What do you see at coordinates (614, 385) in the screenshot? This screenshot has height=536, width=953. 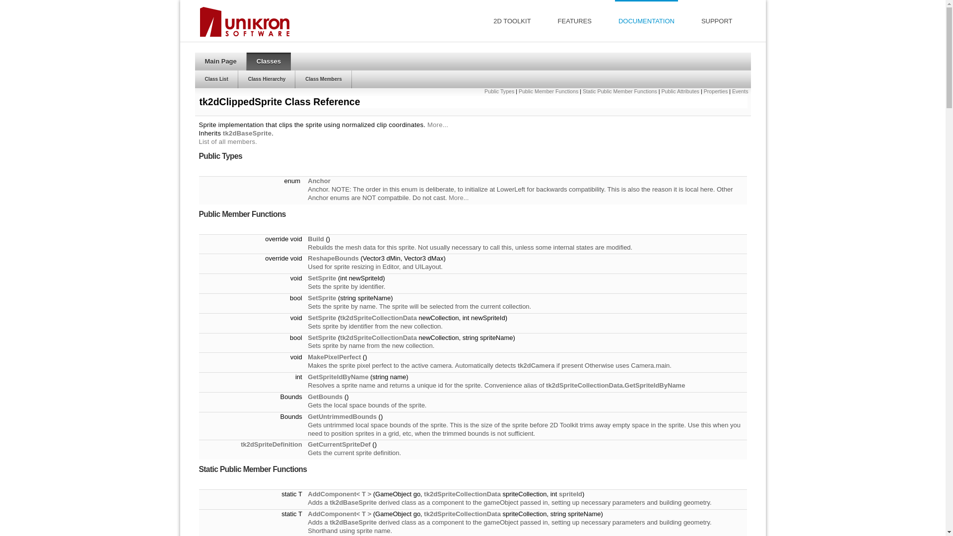 I see `'tk2dSpriteCollectionData.GetSpriteIdByName'` at bounding box center [614, 385].